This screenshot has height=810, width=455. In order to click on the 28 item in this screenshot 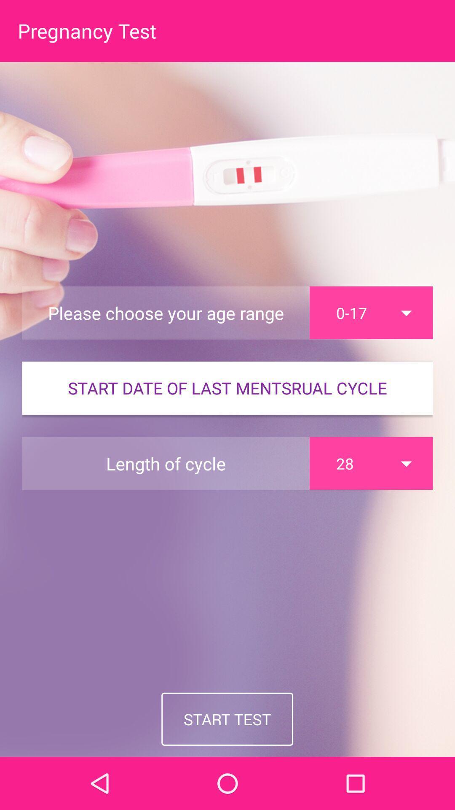, I will do `click(371, 463)`.